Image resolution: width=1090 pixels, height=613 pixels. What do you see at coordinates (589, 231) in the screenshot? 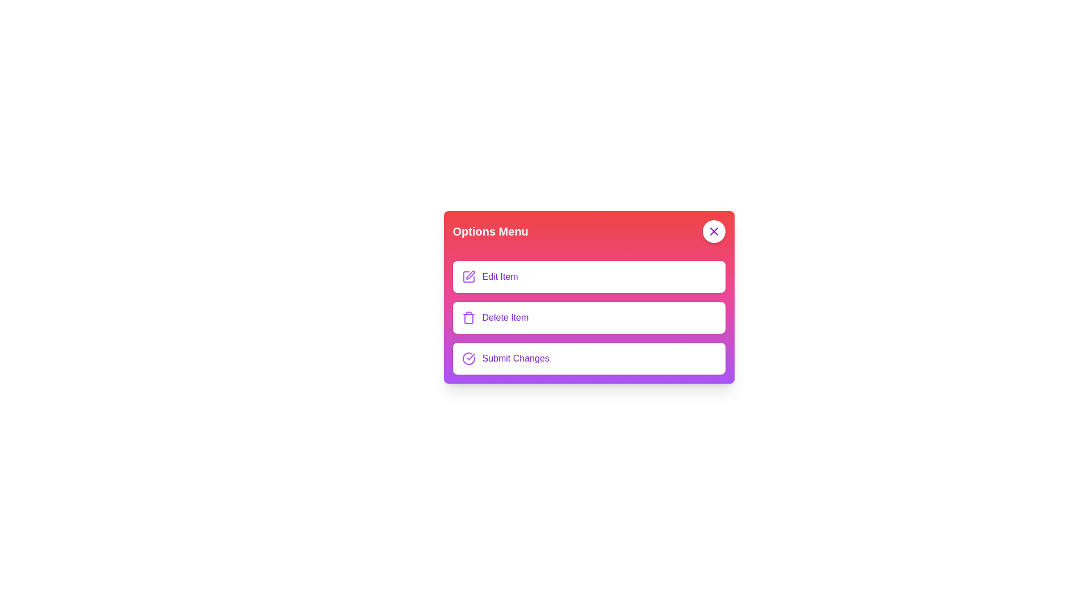
I see `the menu title to inspect it` at bounding box center [589, 231].